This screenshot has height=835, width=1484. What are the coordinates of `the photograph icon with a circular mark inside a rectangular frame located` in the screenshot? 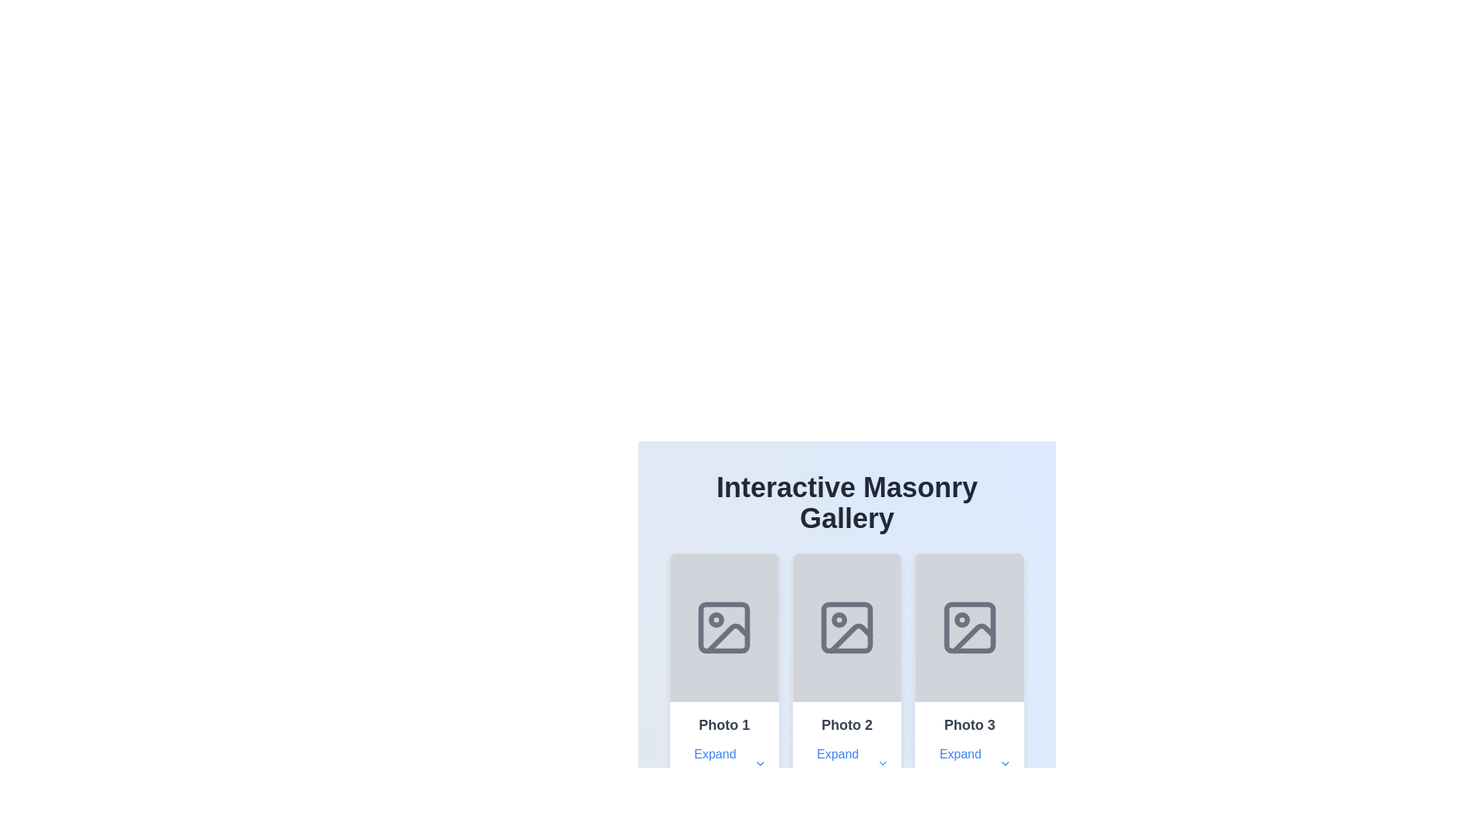 It's located at (846, 628).